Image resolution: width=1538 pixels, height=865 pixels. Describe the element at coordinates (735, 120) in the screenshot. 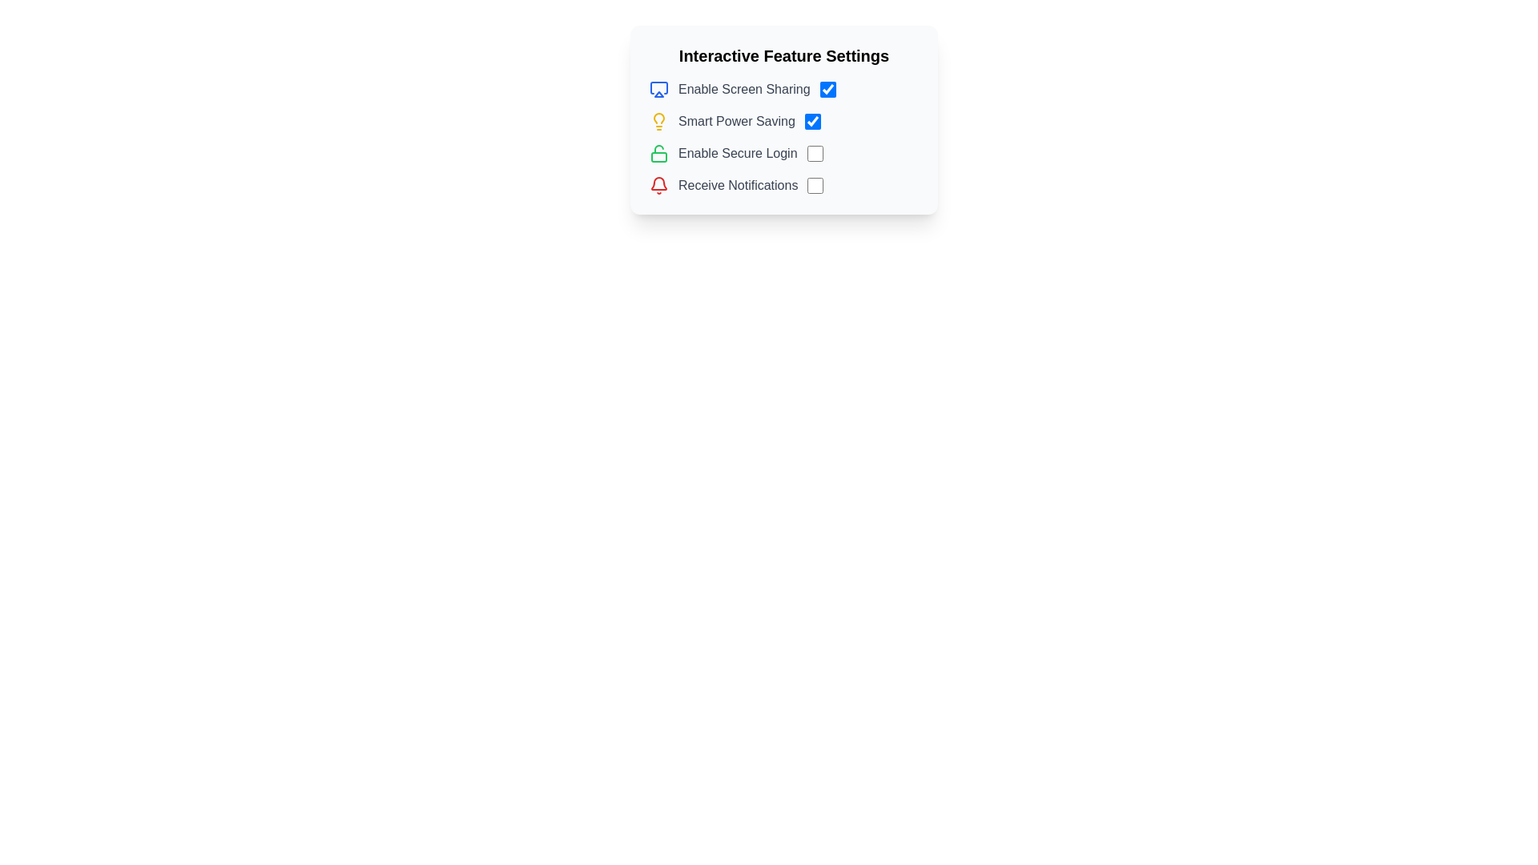

I see `Text label that describes the Smart Power Saving feature, which is positioned after a yellow lightbulb icon and before a checkbox in the settings group` at that location.